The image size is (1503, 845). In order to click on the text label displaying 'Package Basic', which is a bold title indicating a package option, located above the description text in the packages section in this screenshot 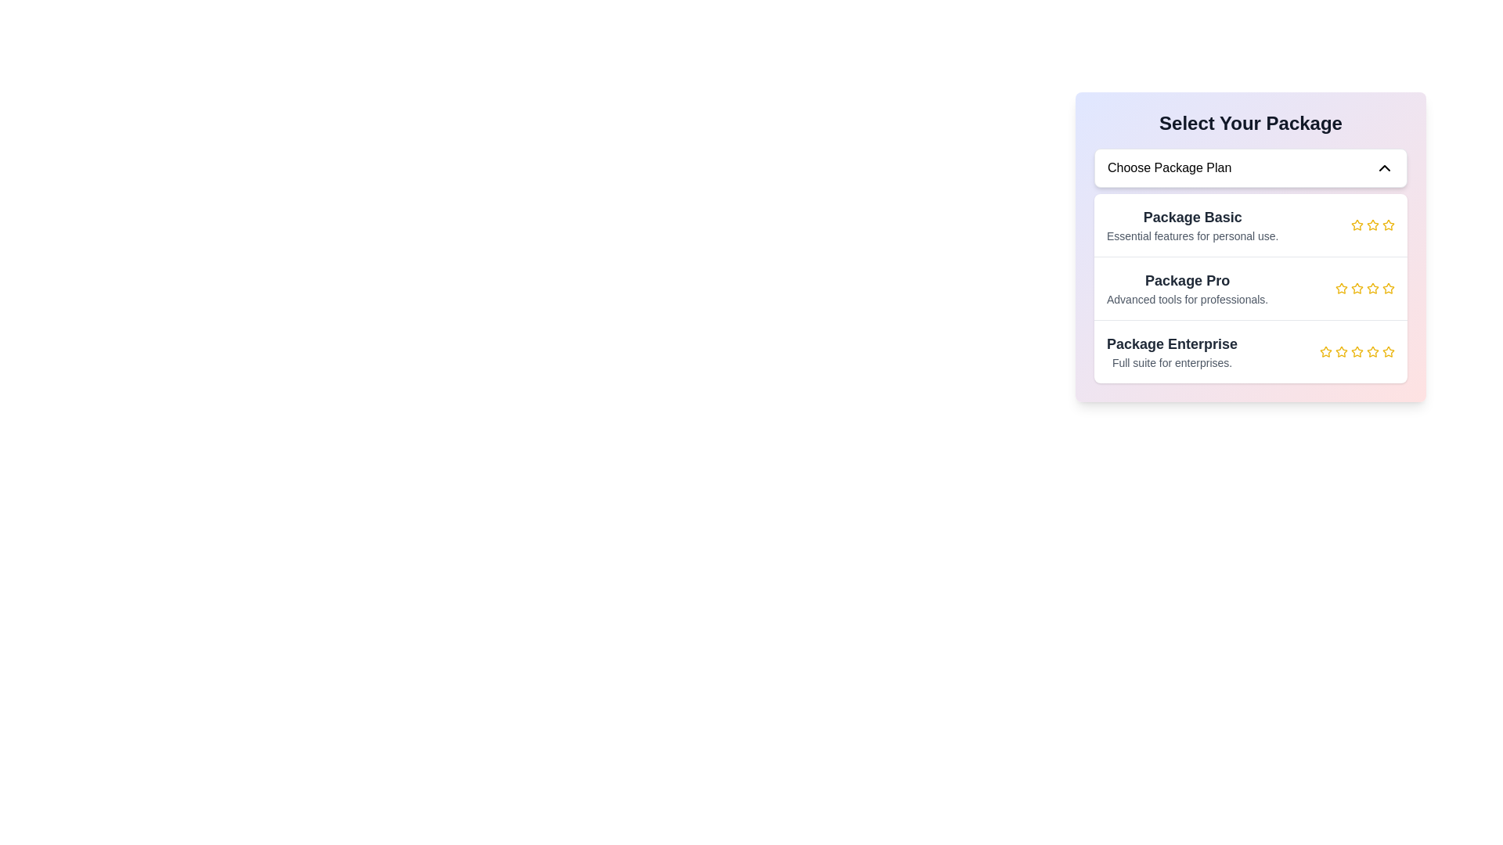, I will do `click(1191, 217)`.